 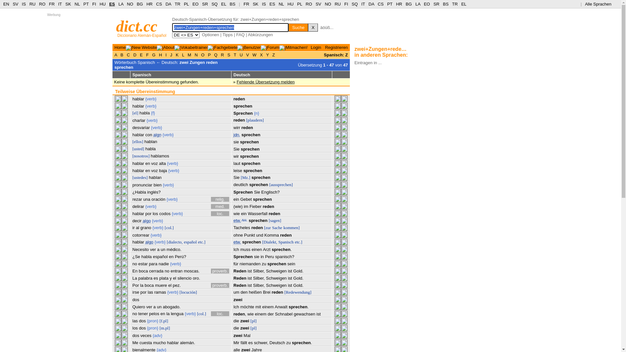 What do you see at coordinates (132, 235) in the screenshot?
I see `'cotorrear'` at bounding box center [132, 235].